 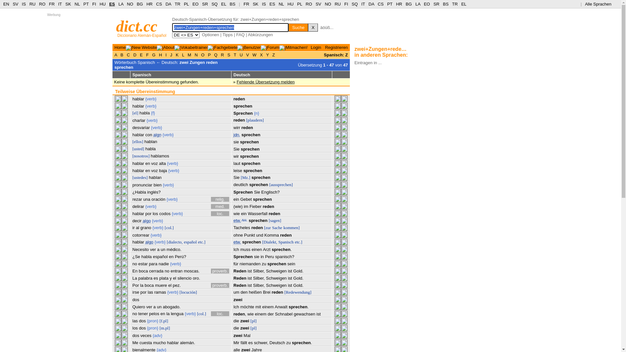 What do you see at coordinates (132, 235) in the screenshot?
I see `'cotorrear'` at bounding box center [132, 235].